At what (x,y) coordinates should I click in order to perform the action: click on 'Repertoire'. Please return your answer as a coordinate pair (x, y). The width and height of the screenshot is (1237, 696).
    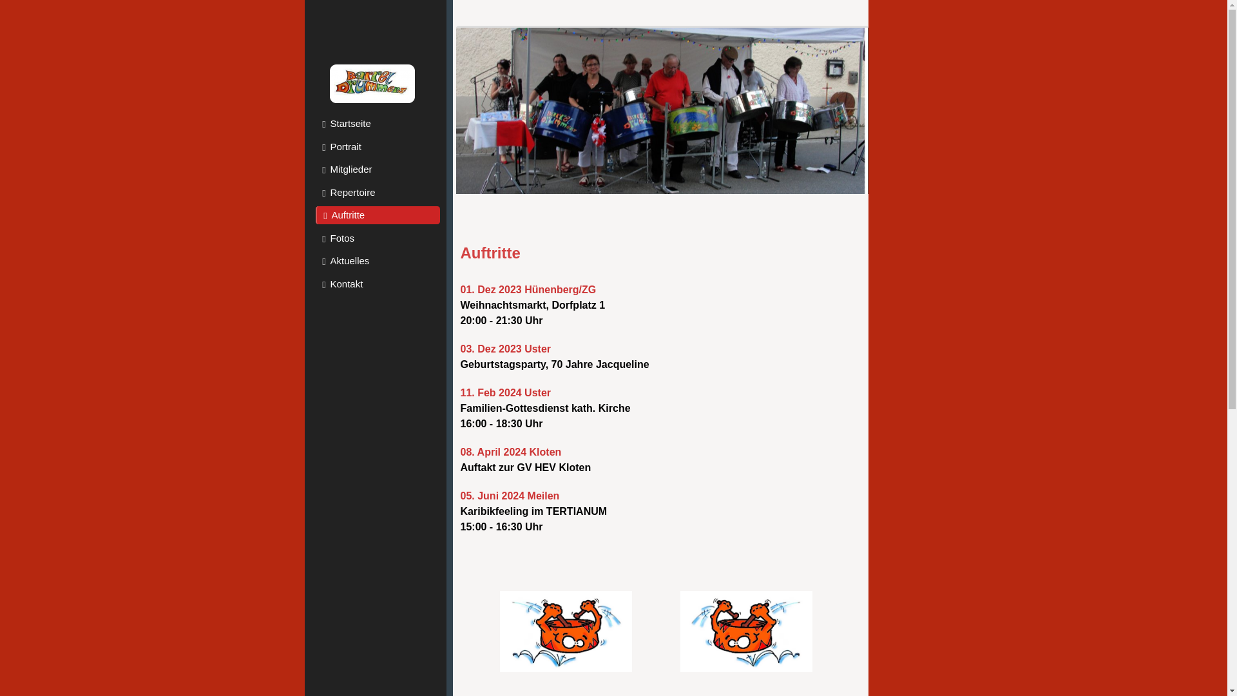
    Looking at the image, I should click on (377, 191).